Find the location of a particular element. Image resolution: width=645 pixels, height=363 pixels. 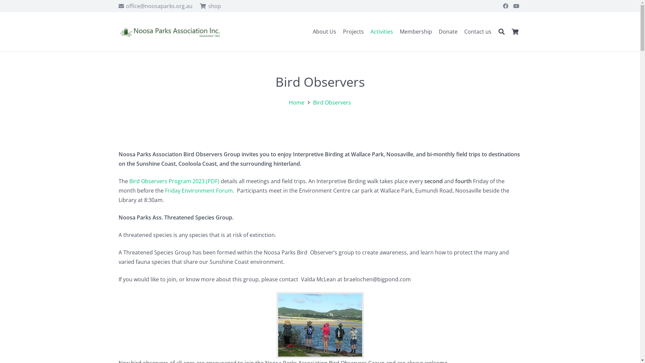

'Contact us' is located at coordinates (477, 32).